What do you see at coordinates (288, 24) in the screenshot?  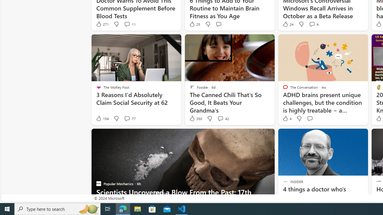 I see `'24 Like'` at bounding box center [288, 24].